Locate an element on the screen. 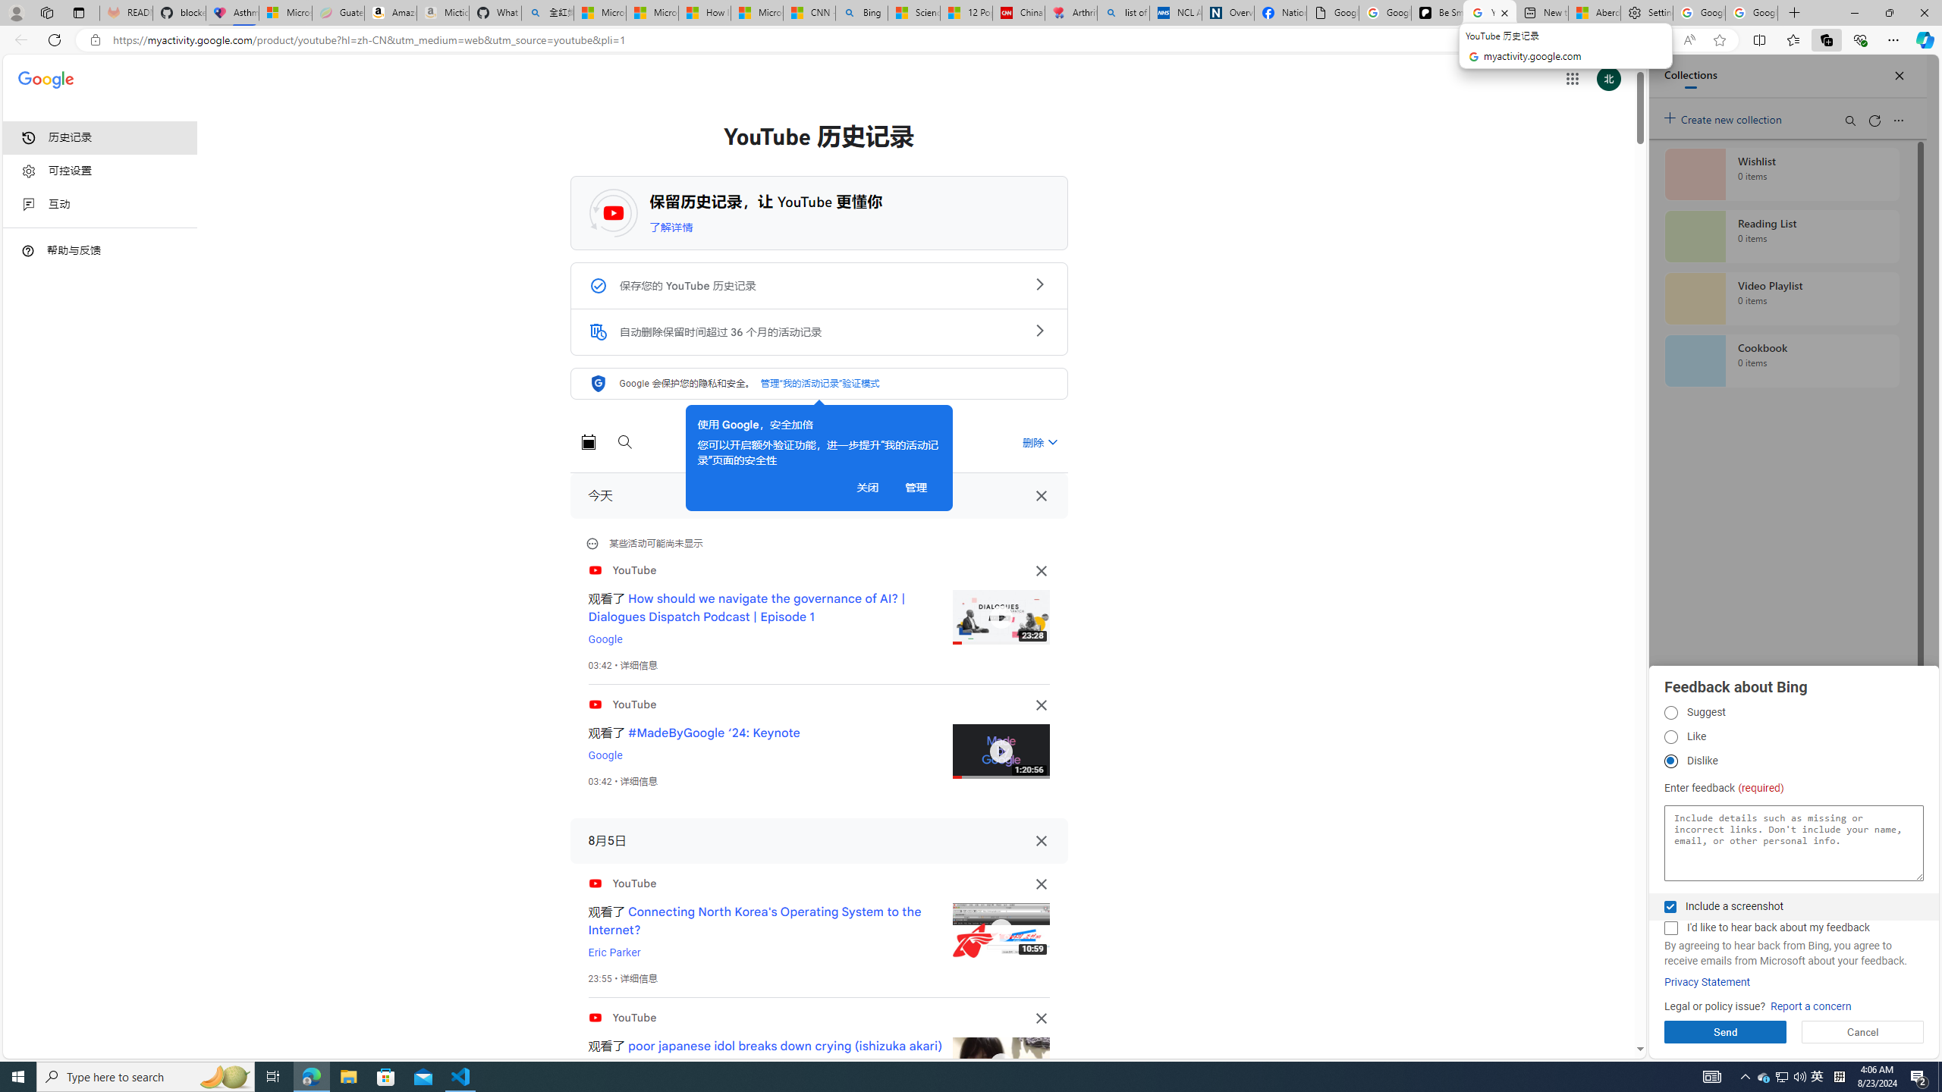 The width and height of the screenshot is (1942, 1092). 'Google Analytics Opt-out Browser Add-on Download Page' is located at coordinates (1332, 12).